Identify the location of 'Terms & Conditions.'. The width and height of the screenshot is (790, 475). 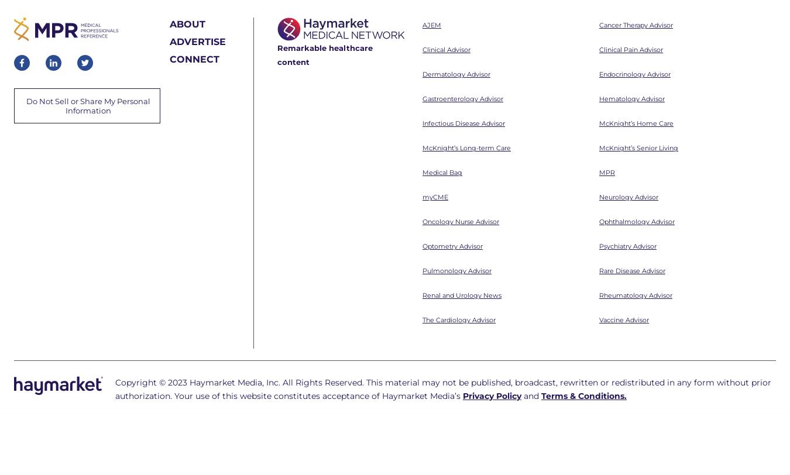
(583, 236).